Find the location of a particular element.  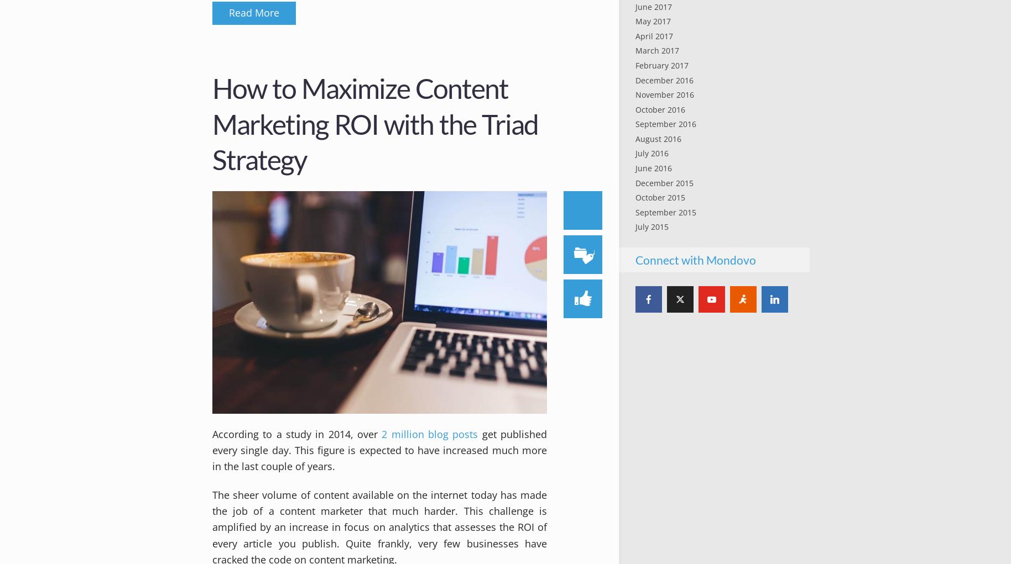

'June 2017' is located at coordinates (653, 6).